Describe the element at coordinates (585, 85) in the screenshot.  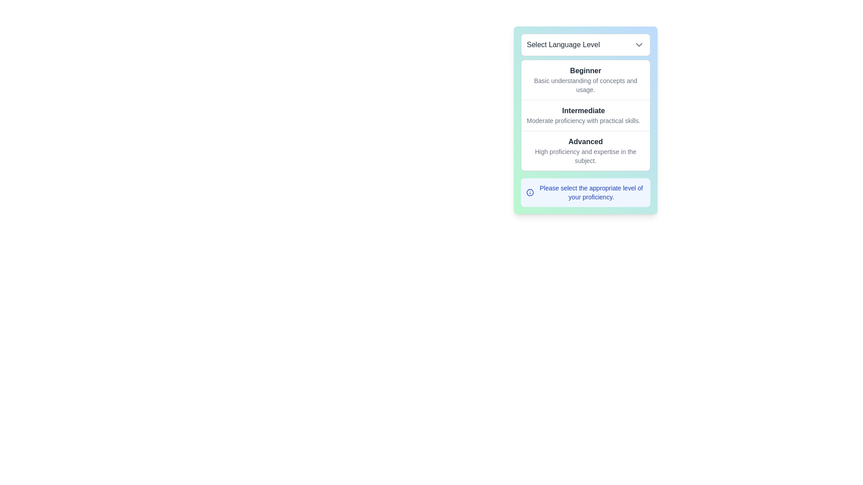
I see `the text label that reads 'Basic understanding of concepts and usage.' which is styled in a small sans-serif font and is gray in color, located under the 'Beginner' header` at that location.